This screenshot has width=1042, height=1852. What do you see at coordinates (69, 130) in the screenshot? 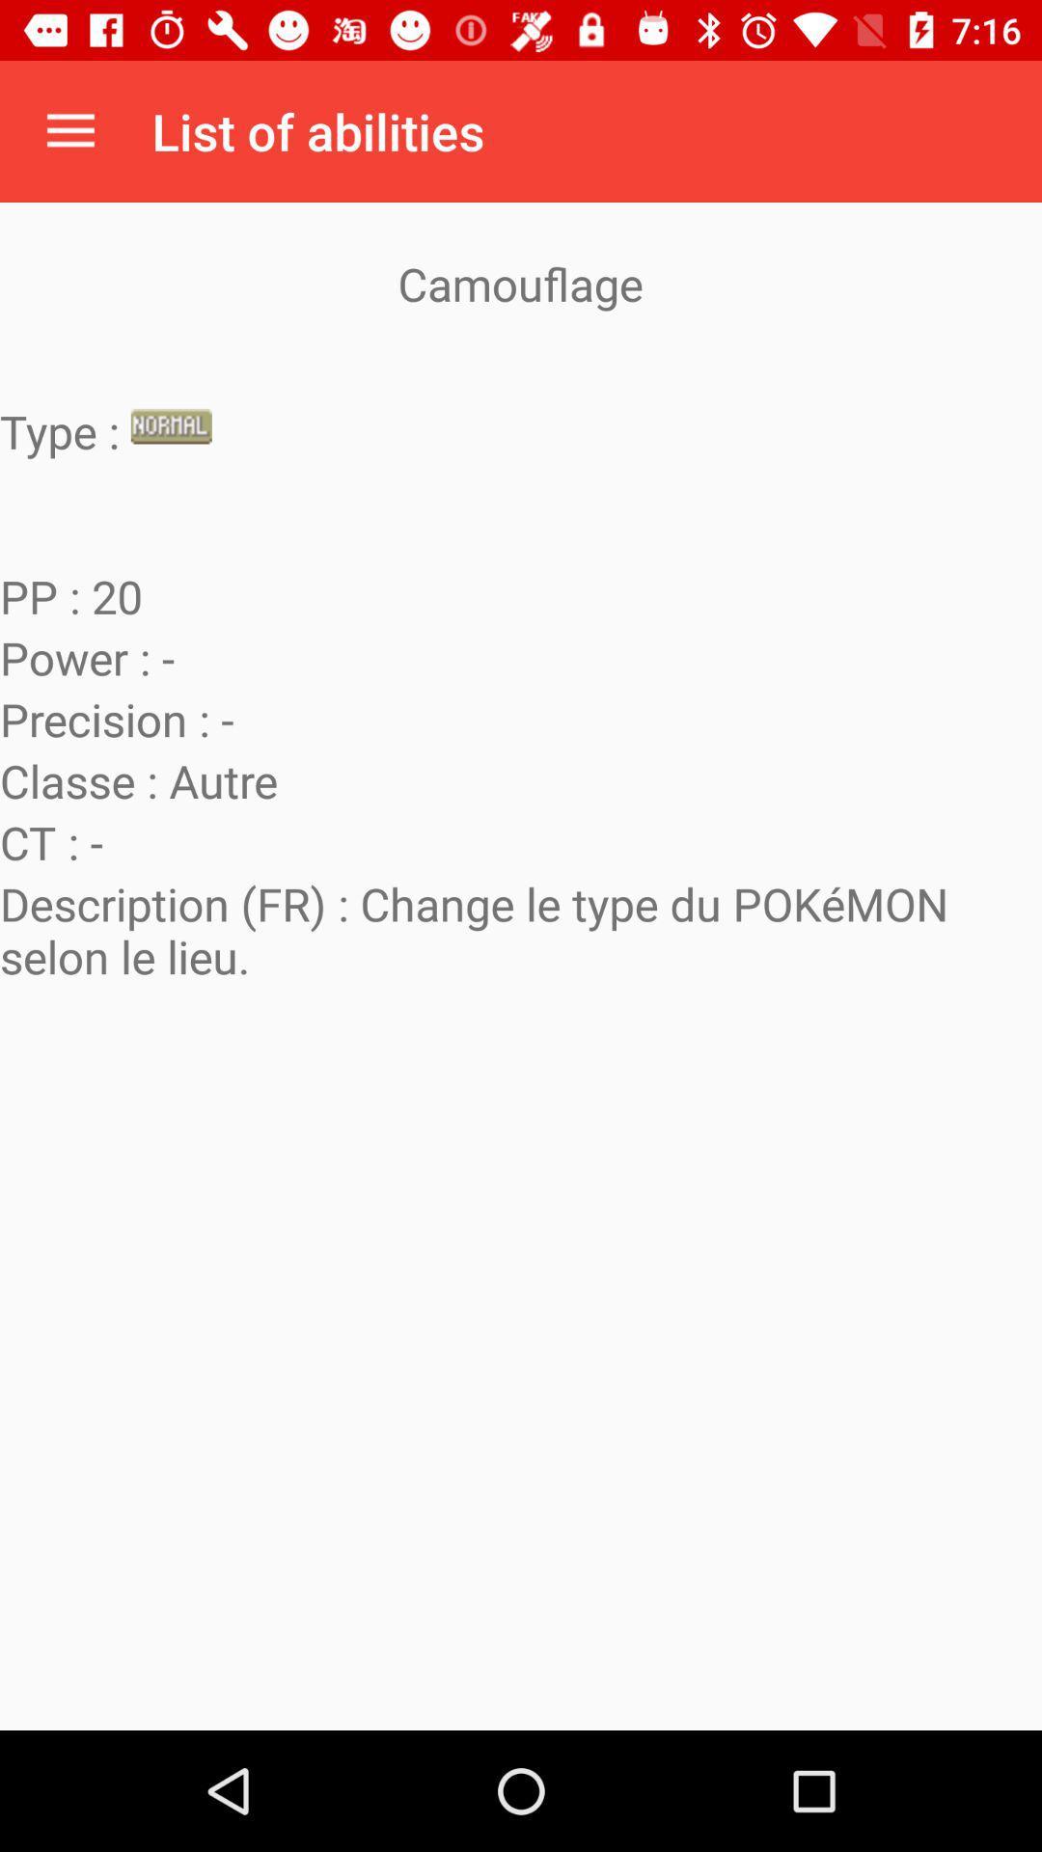
I see `app next to the list of abilities item` at bounding box center [69, 130].